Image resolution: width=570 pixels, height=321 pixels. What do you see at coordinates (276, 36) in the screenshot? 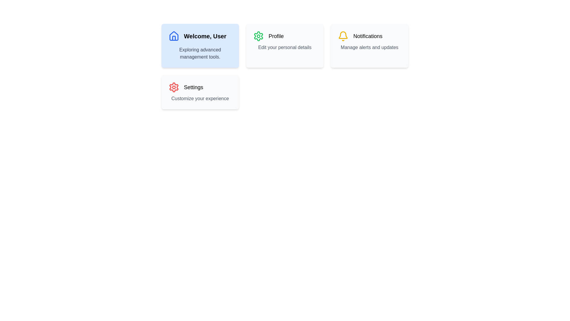
I see `the 'Profile' text label, which is styled in a large, bold font and positioned next to the green gear icon in the upper section of the interface` at bounding box center [276, 36].